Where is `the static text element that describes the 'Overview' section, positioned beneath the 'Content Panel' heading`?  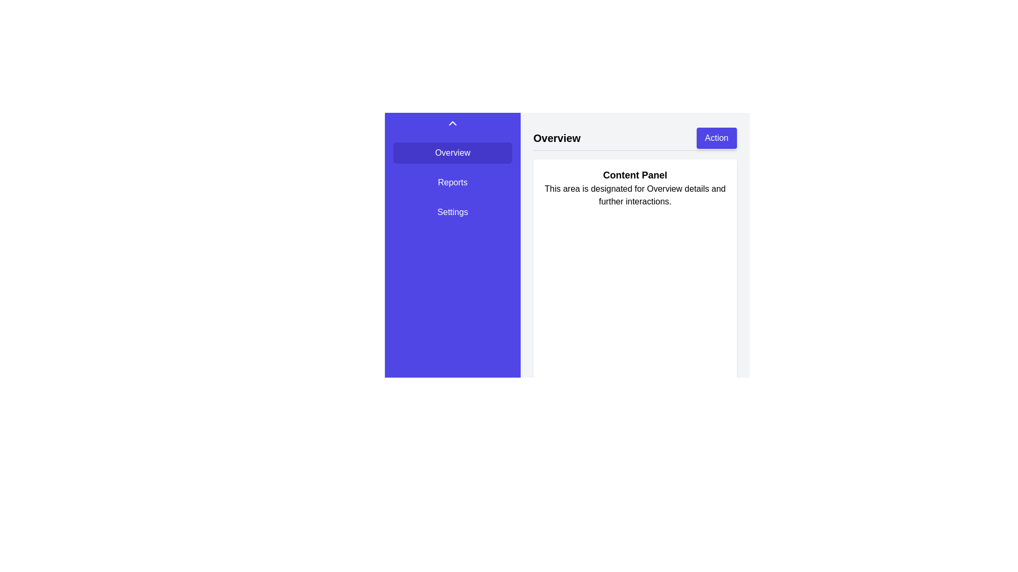 the static text element that describes the 'Overview' section, positioned beneath the 'Content Panel' heading is located at coordinates (635, 195).